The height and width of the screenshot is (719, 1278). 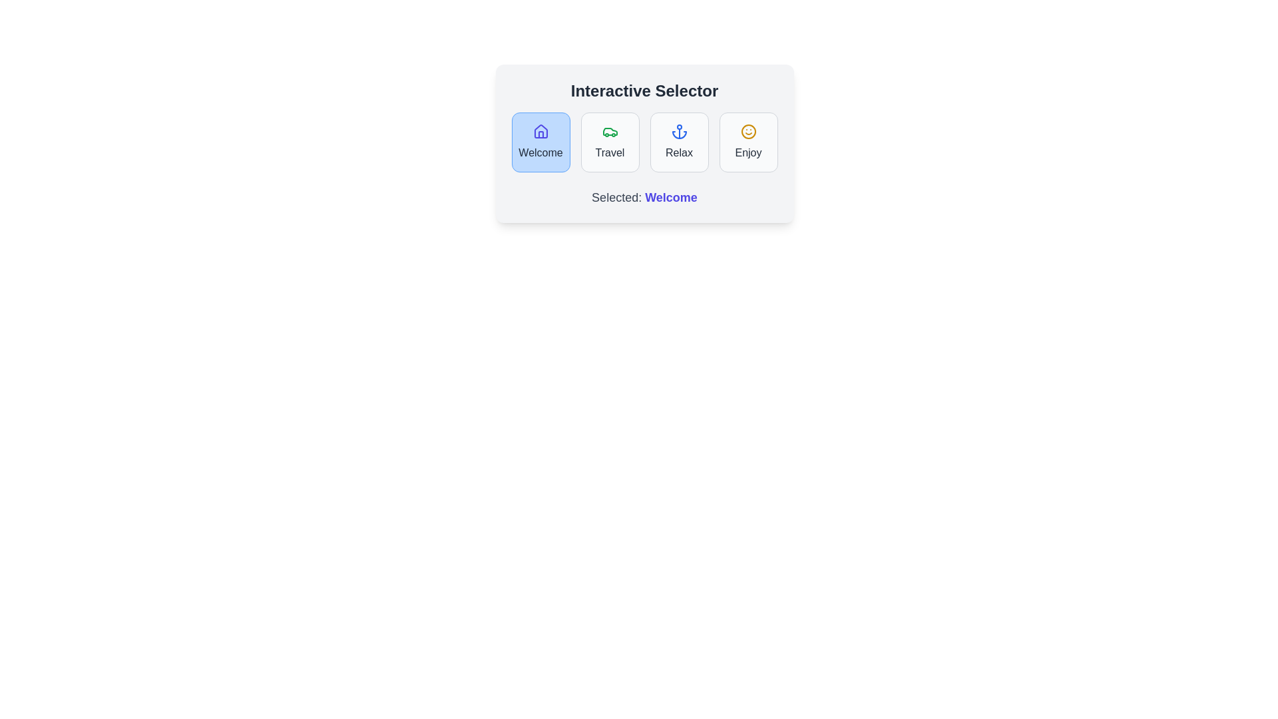 What do you see at coordinates (679, 135) in the screenshot?
I see `the semi-circular blue component of the Relax icon, which is part of an SVG graphic resembling an anchor` at bounding box center [679, 135].